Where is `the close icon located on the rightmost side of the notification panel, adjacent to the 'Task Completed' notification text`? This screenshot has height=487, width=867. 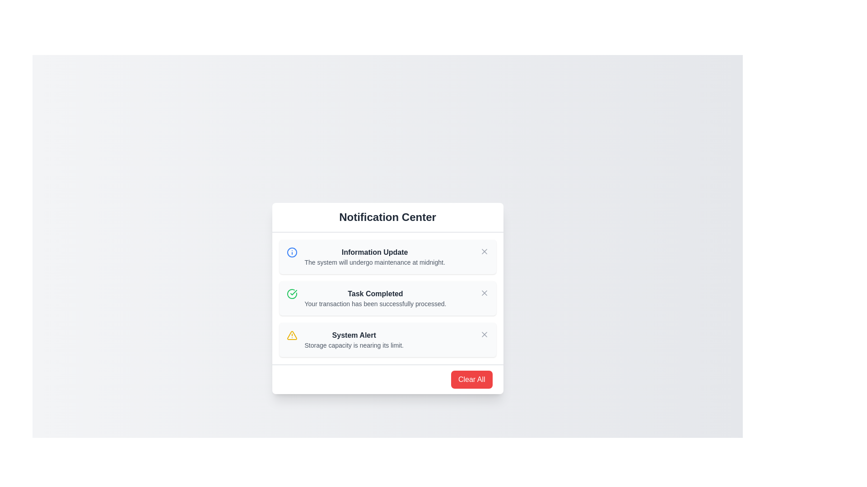 the close icon located on the rightmost side of the notification panel, adjacent to the 'Task Completed' notification text is located at coordinates (484, 293).